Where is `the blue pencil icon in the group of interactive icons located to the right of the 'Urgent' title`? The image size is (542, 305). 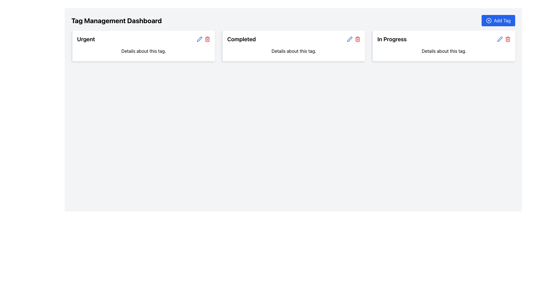 the blue pencil icon in the group of interactive icons located to the right of the 'Urgent' title is located at coordinates (203, 39).